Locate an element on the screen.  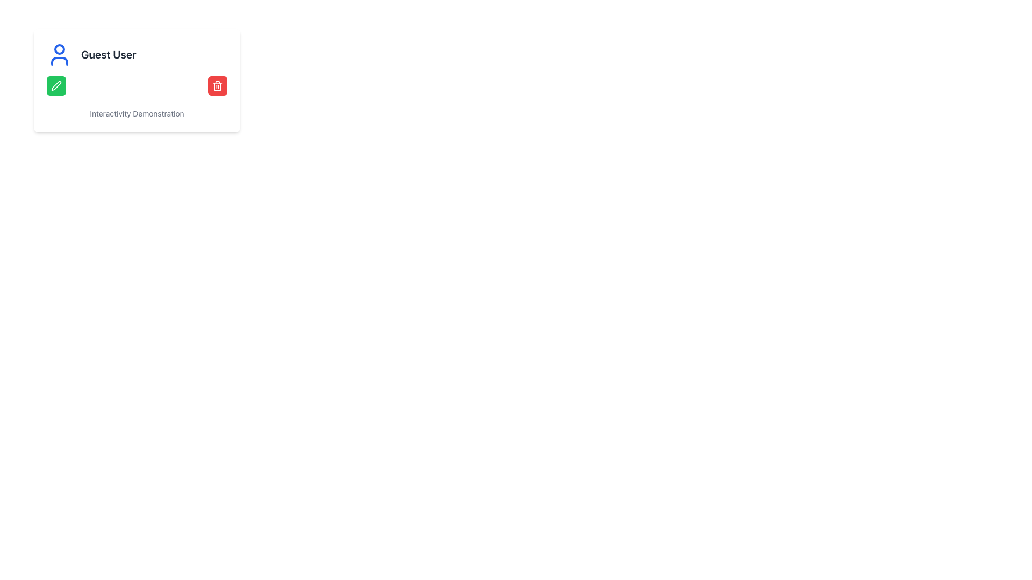
the text label displaying 'Interactivity Demonstration', which is styled in grayish color and positioned below the interactive buttons and user information section within a card layout is located at coordinates (136, 114).